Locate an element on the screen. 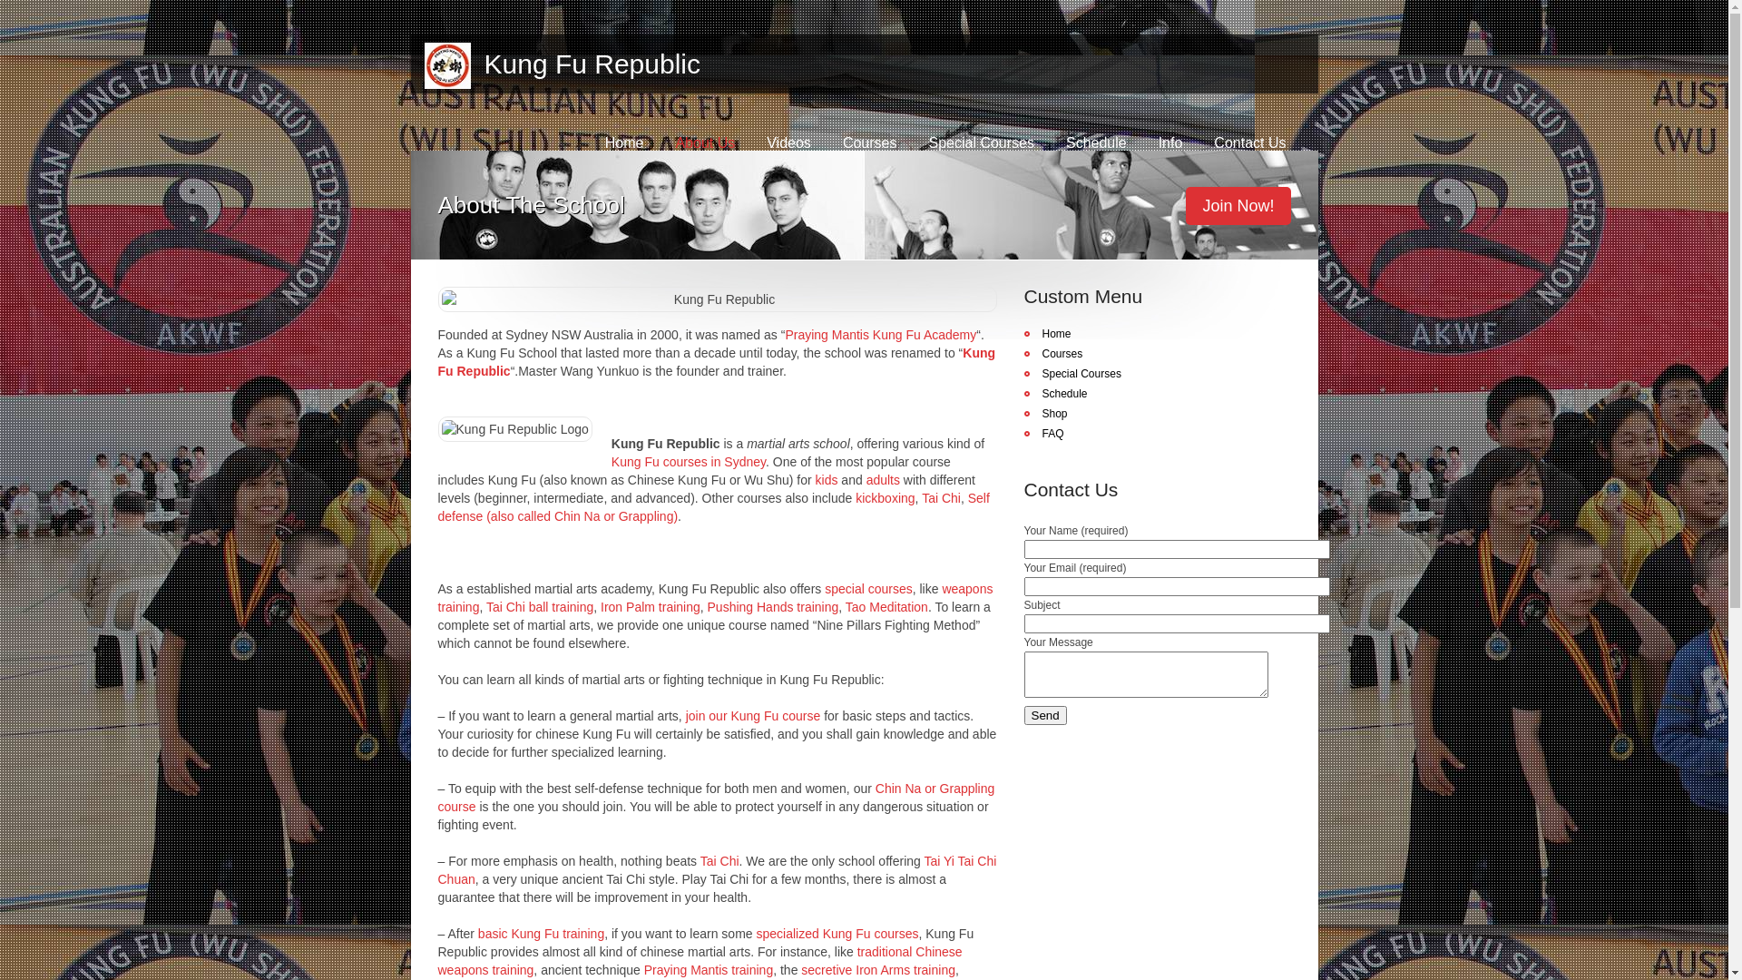 The height and width of the screenshot is (980, 1742). 'Praying Mantis training' is located at coordinates (644, 968).